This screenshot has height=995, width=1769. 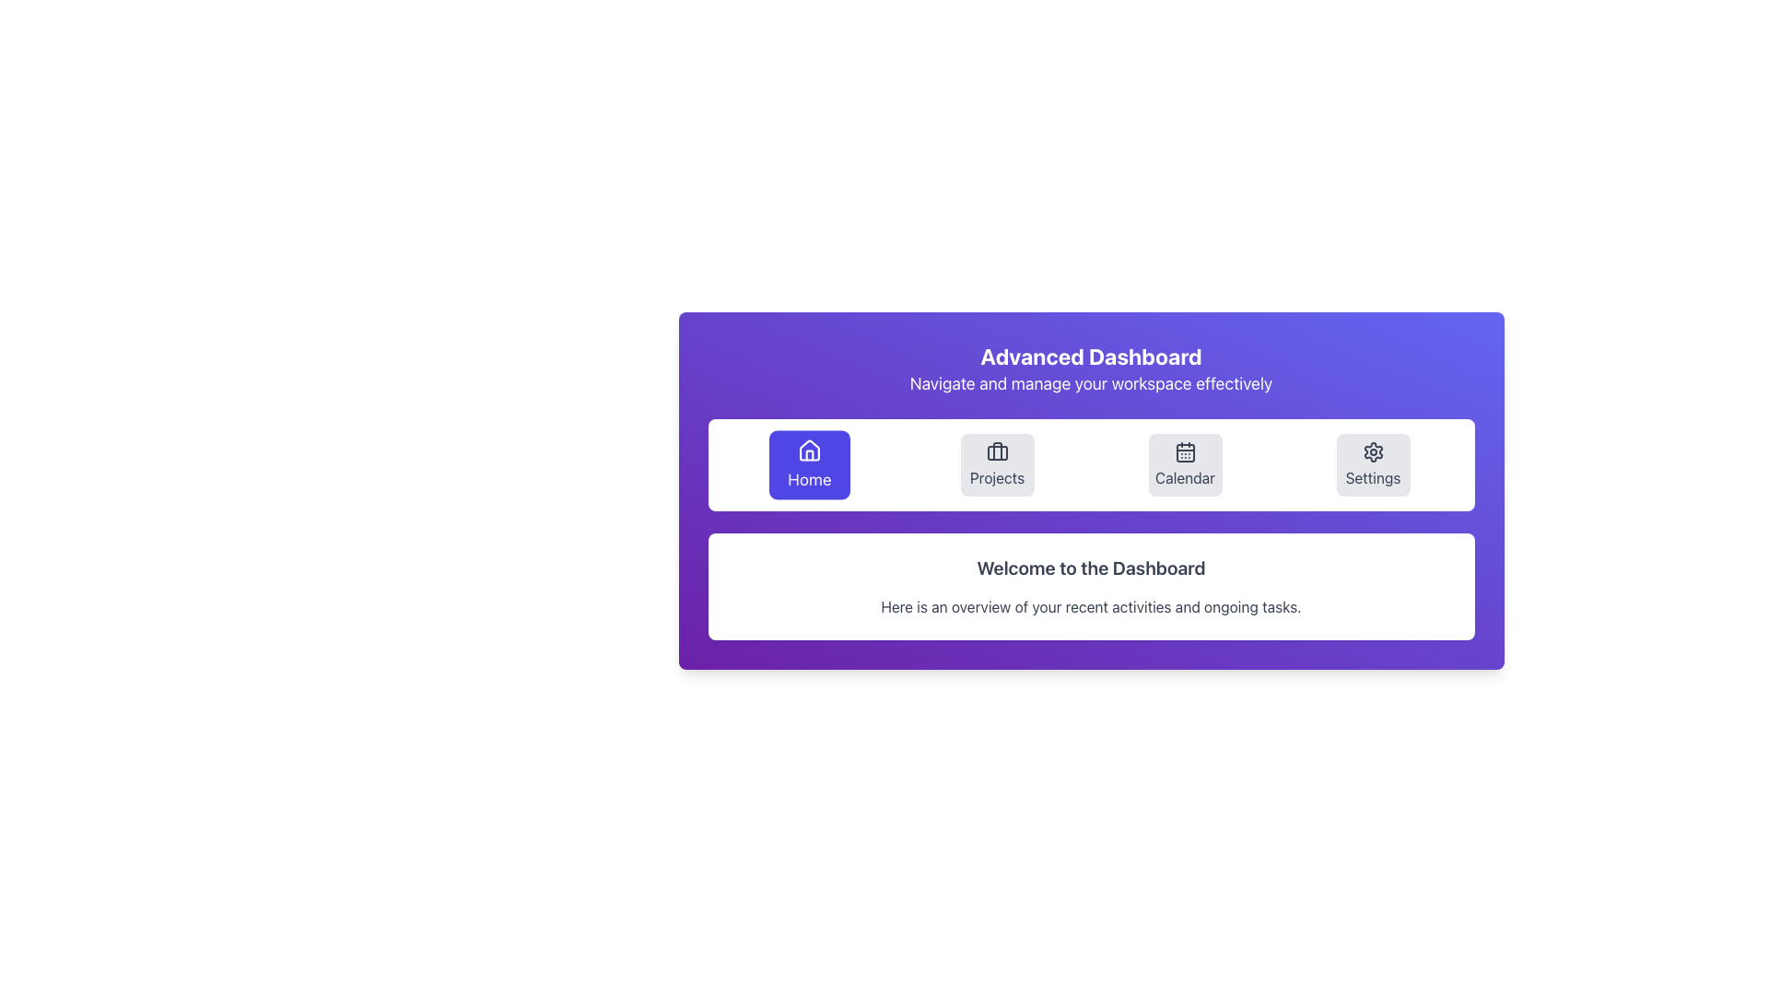 I want to click on the descriptive text label located below the 'Advanced Dashboard' title in the header area, so click(x=1091, y=382).